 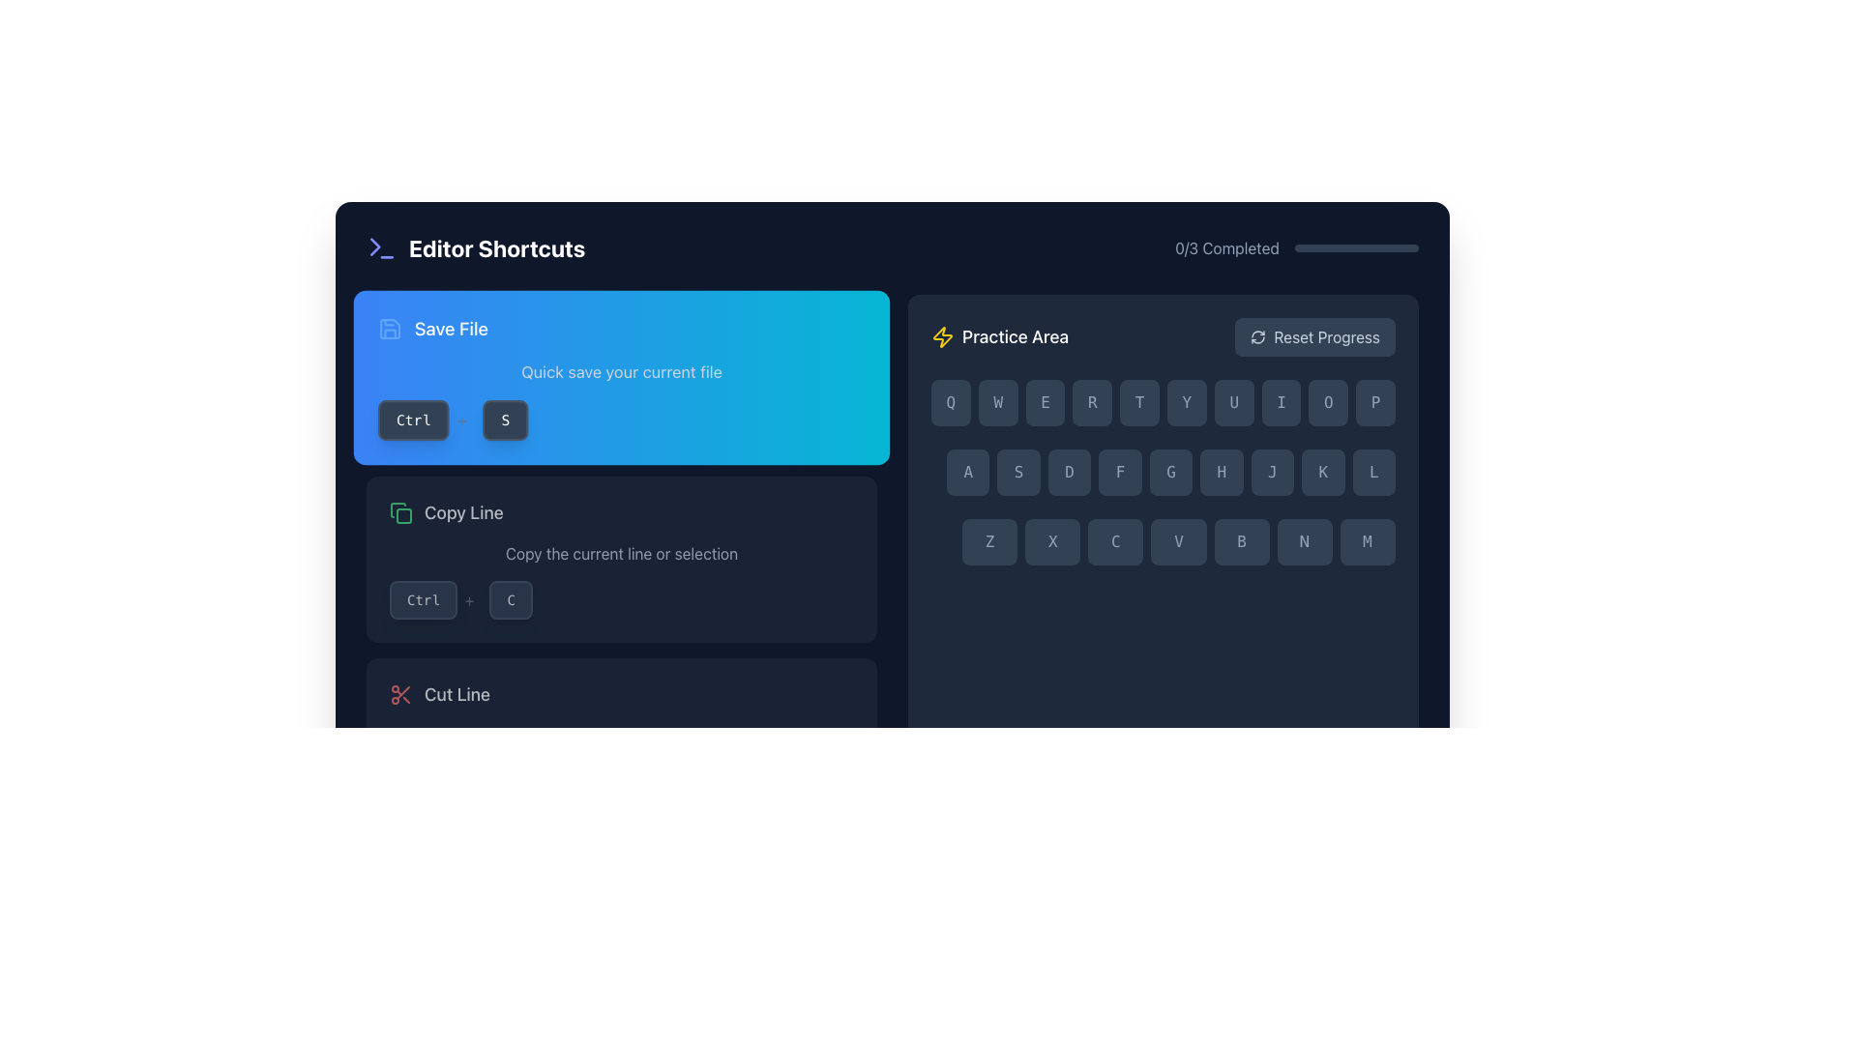 What do you see at coordinates (951, 401) in the screenshot?
I see `the character displayed on the rectangular button with a dark background and rounded corners, which contains the letter 'Q' centered within it` at bounding box center [951, 401].